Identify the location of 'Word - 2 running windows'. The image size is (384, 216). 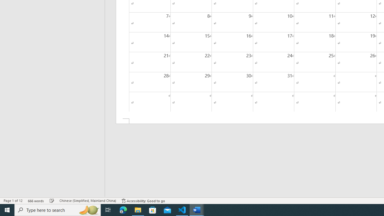
(197, 209).